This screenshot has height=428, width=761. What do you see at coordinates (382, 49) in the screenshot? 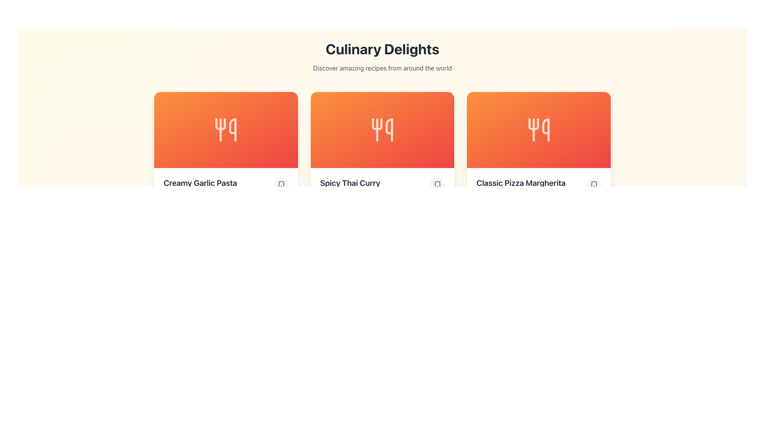
I see `the main heading element that serves as the primary title for the culinary recipes page, located at the top-center of the interface` at bounding box center [382, 49].